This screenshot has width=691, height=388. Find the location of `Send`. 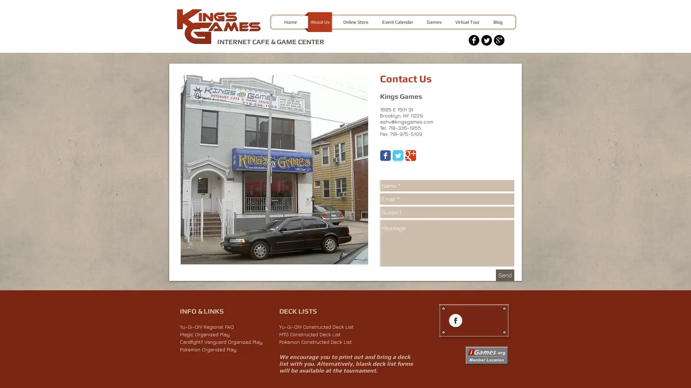

Send is located at coordinates (505, 275).